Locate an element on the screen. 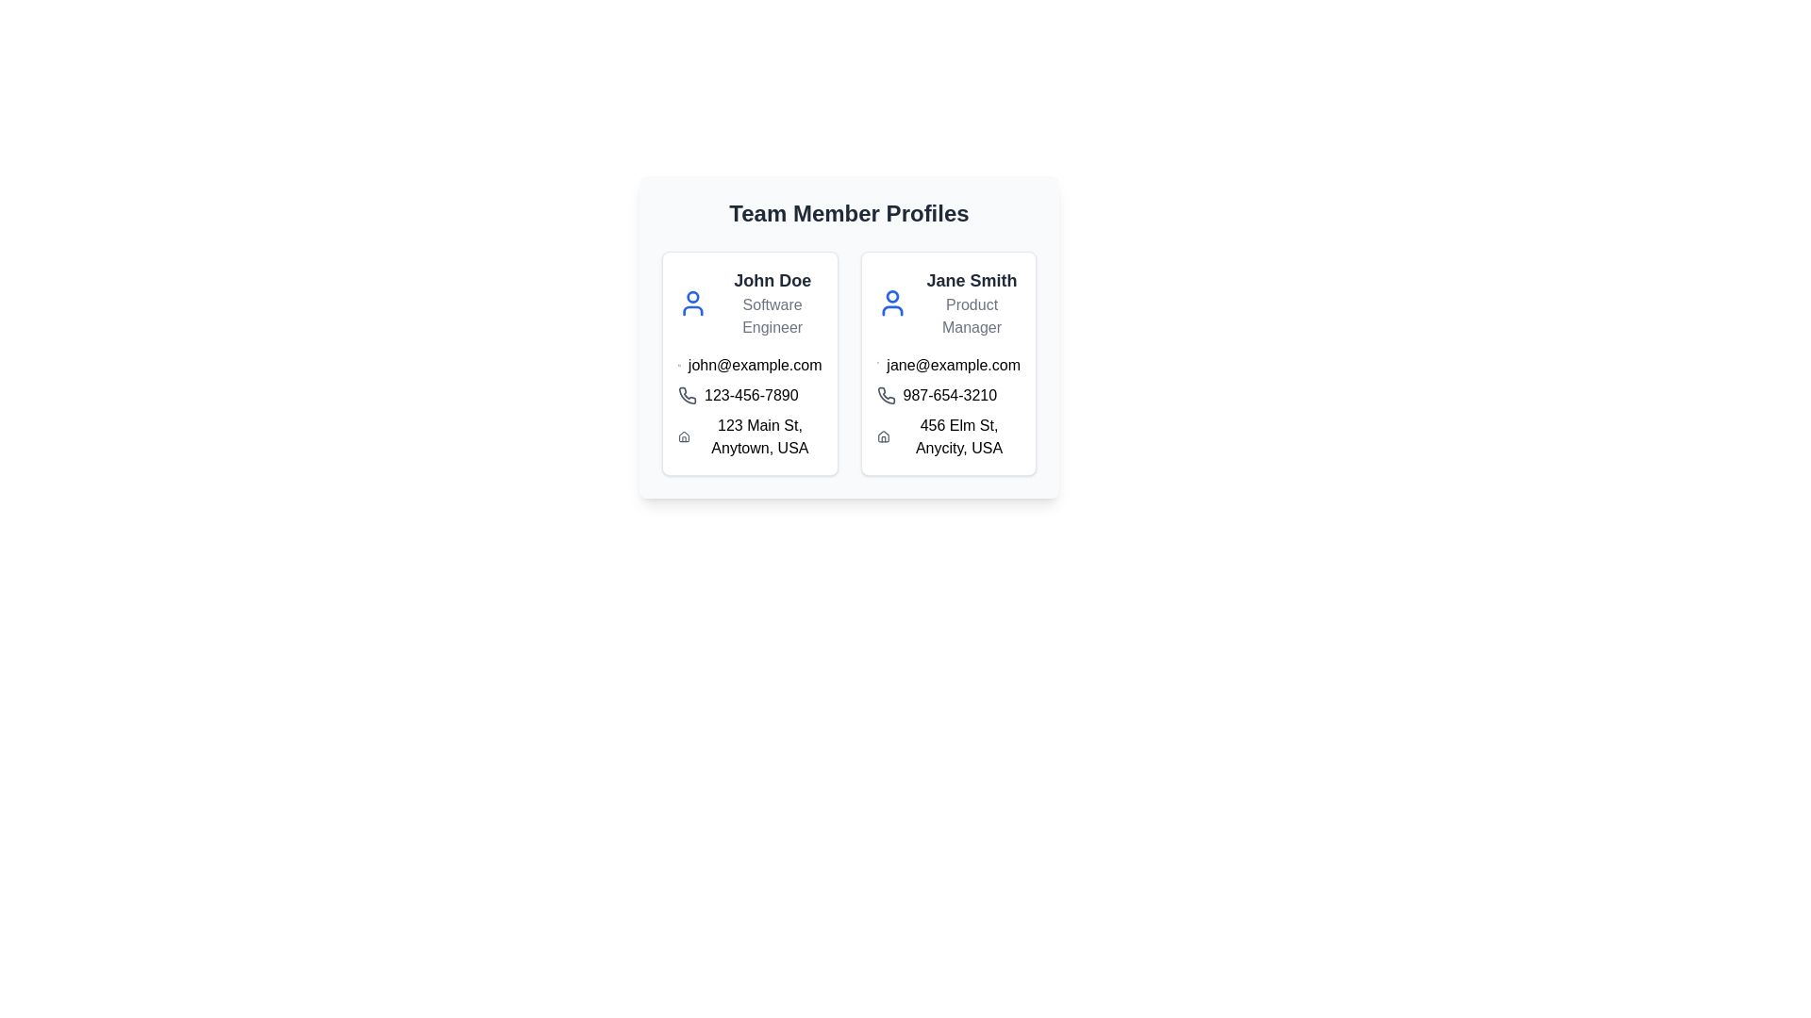  the Text Label displaying the job title of the individual in the 'Team Member Profiles' section, located beneath 'John Doe' and above the contact details is located at coordinates (773, 315).